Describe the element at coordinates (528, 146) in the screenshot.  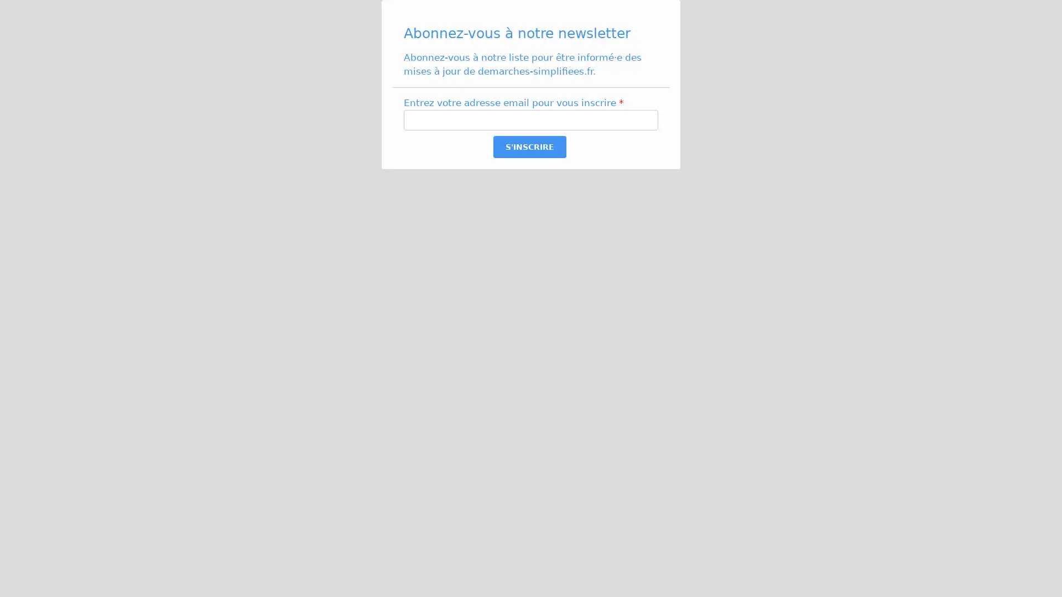
I see `S'INSCRIRE` at that location.